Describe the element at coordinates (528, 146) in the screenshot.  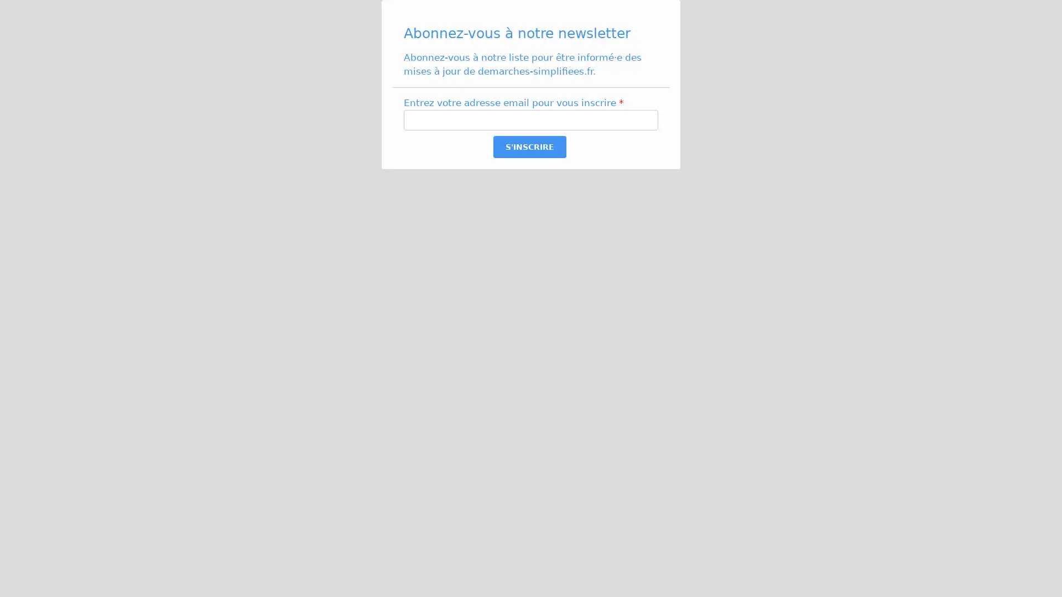
I see `S'INSCRIRE` at that location.